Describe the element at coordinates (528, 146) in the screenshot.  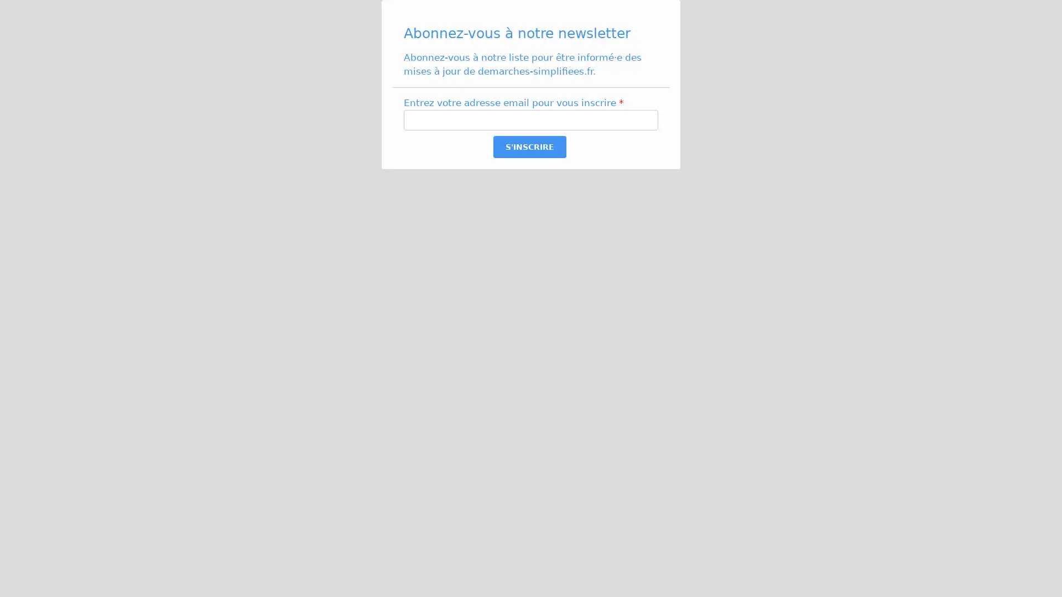
I see `S'INSCRIRE` at that location.